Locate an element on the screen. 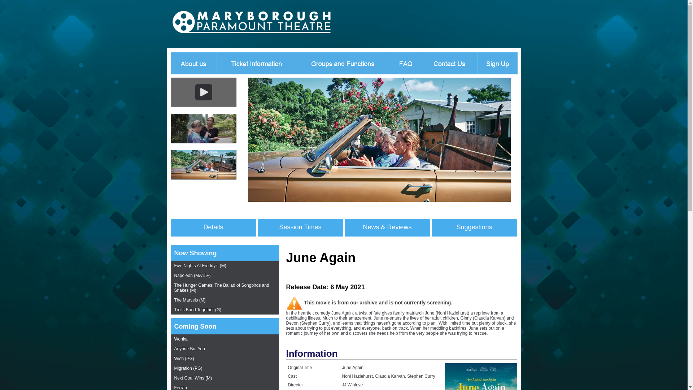 The height and width of the screenshot is (390, 693). 'Session Times' is located at coordinates (300, 227).